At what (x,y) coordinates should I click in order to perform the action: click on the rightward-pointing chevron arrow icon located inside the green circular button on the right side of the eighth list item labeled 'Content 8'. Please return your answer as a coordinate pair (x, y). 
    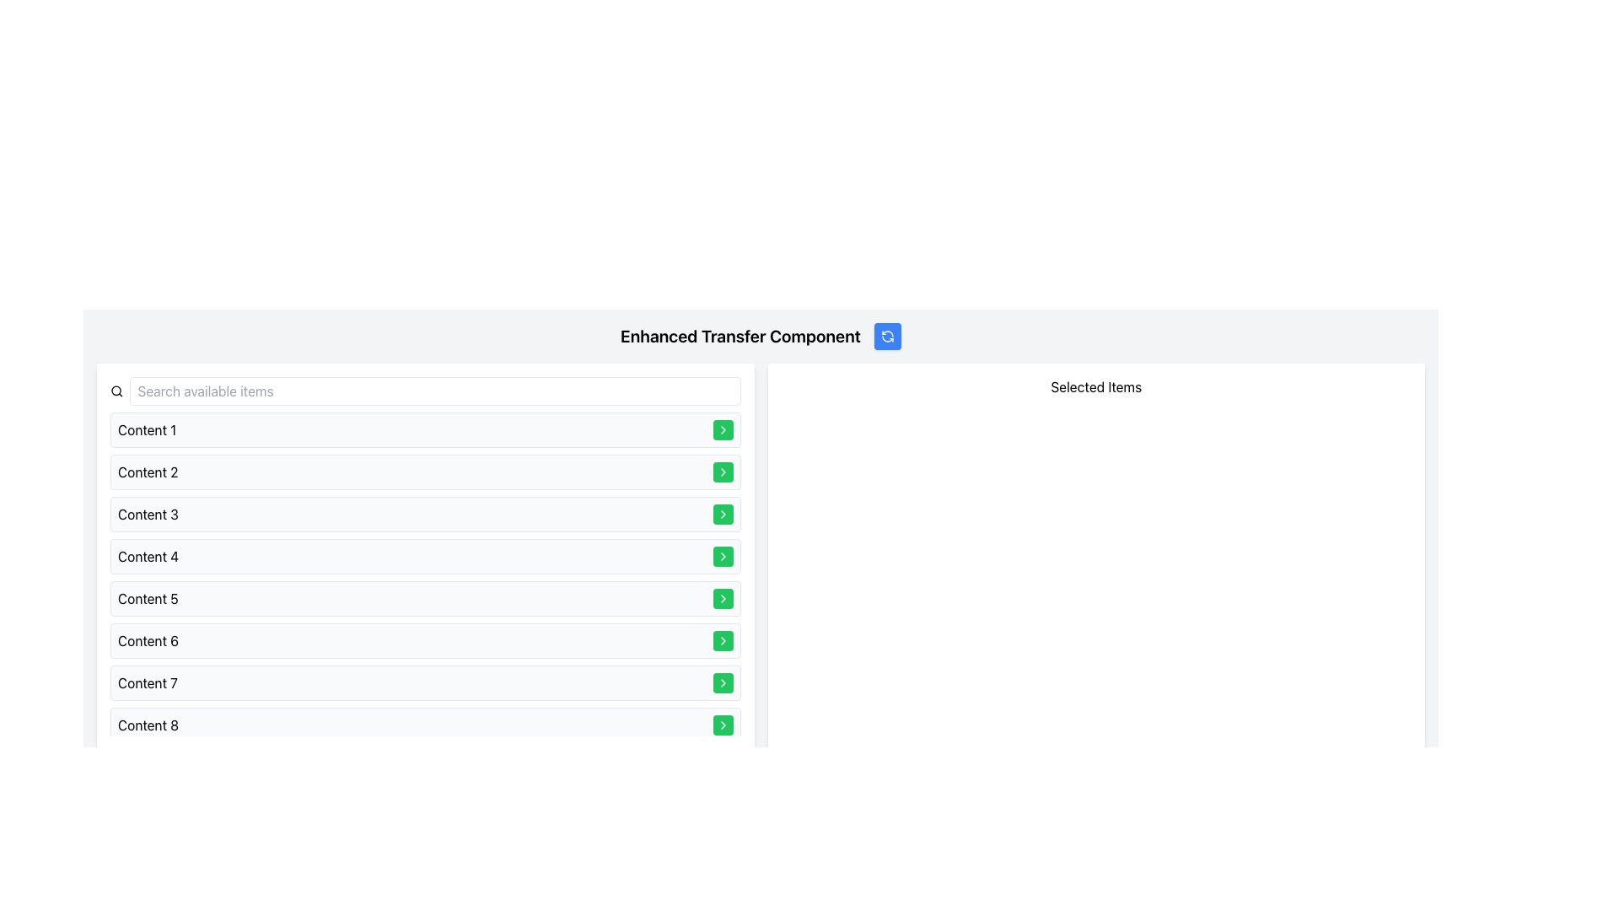
    Looking at the image, I should click on (723, 683).